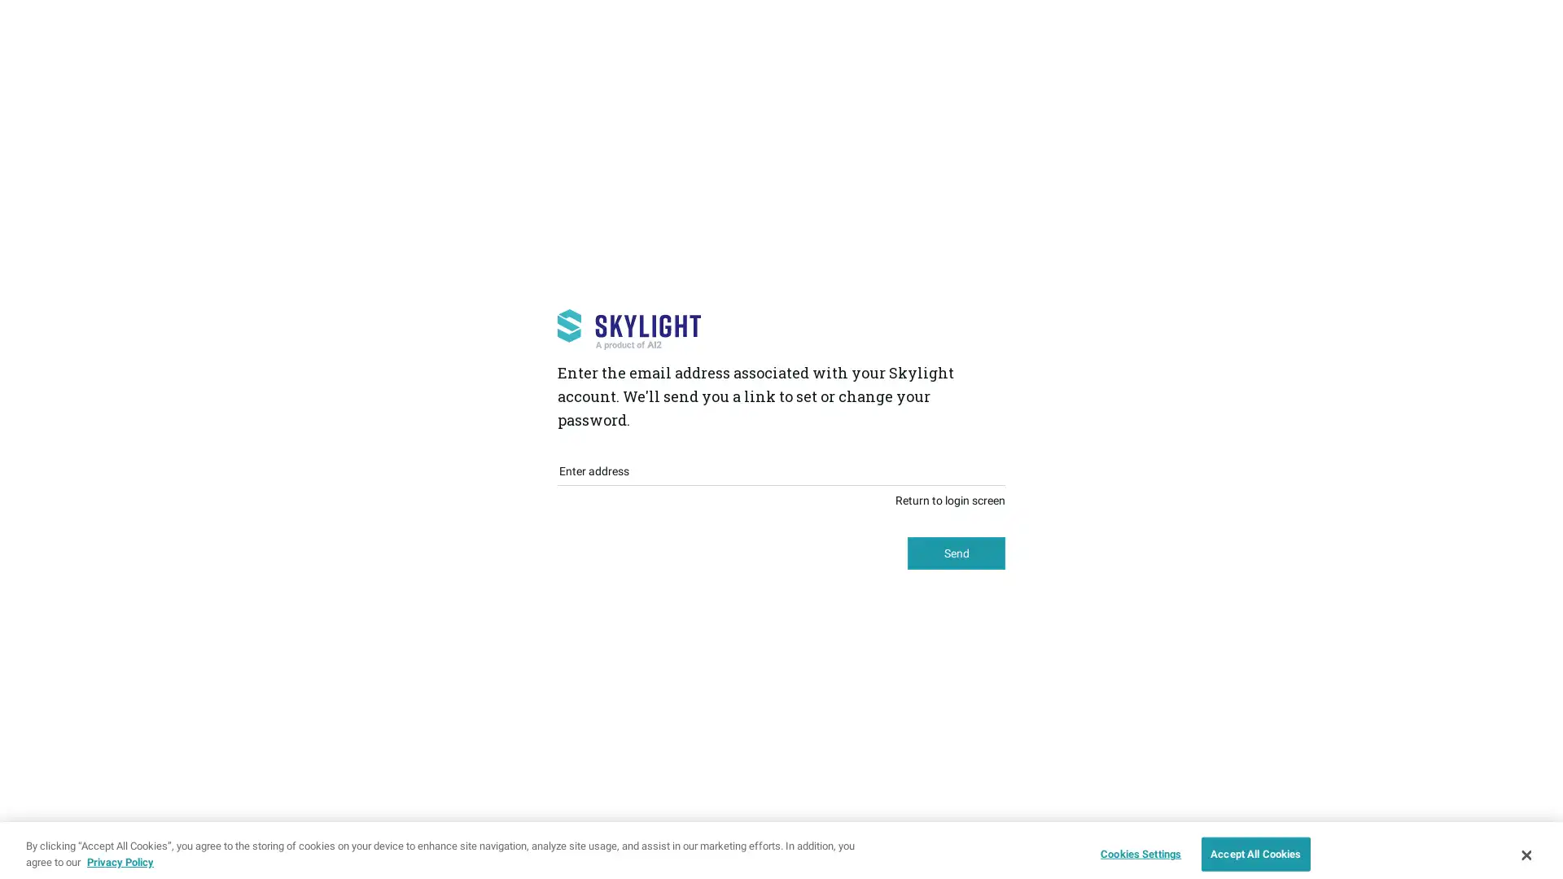 This screenshot has height=879, width=1563. What do you see at coordinates (1254, 843) in the screenshot?
I see `Accept All Cookies` at bounding box center [1254, 843].